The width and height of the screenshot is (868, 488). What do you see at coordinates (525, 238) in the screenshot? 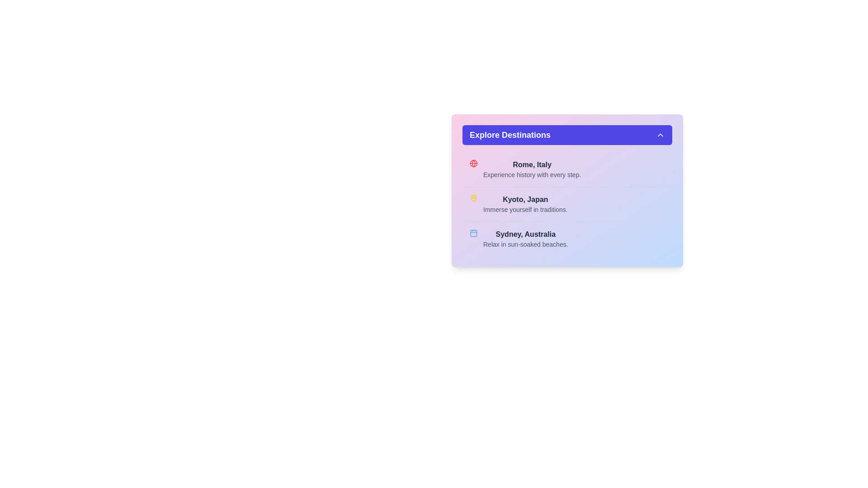
I see `the text display element containing the title 'Sydney, Australia' and the description 'Relax in sun-soaked beaches', which is positioned in the third row of the 'Explore Destinations' widget` at bounding box center [525, 238].